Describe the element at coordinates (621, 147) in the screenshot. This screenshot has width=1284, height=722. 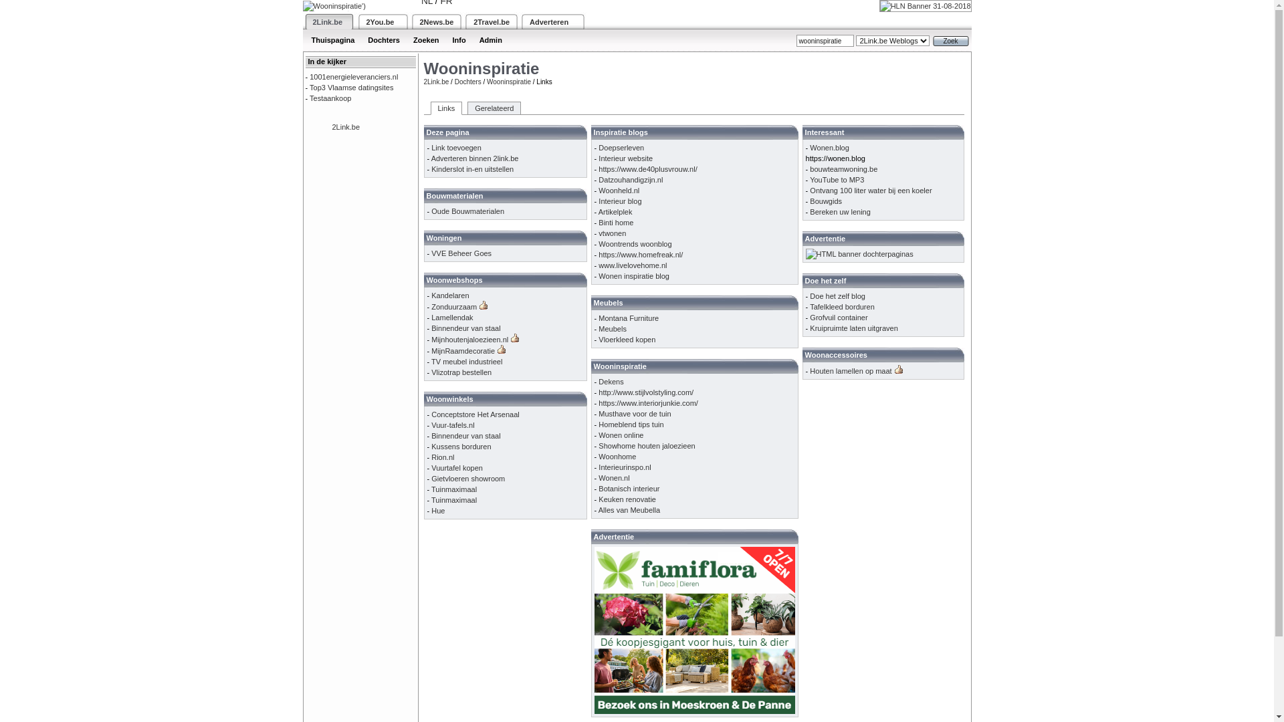
I see `'Doepserleven'` at that location.